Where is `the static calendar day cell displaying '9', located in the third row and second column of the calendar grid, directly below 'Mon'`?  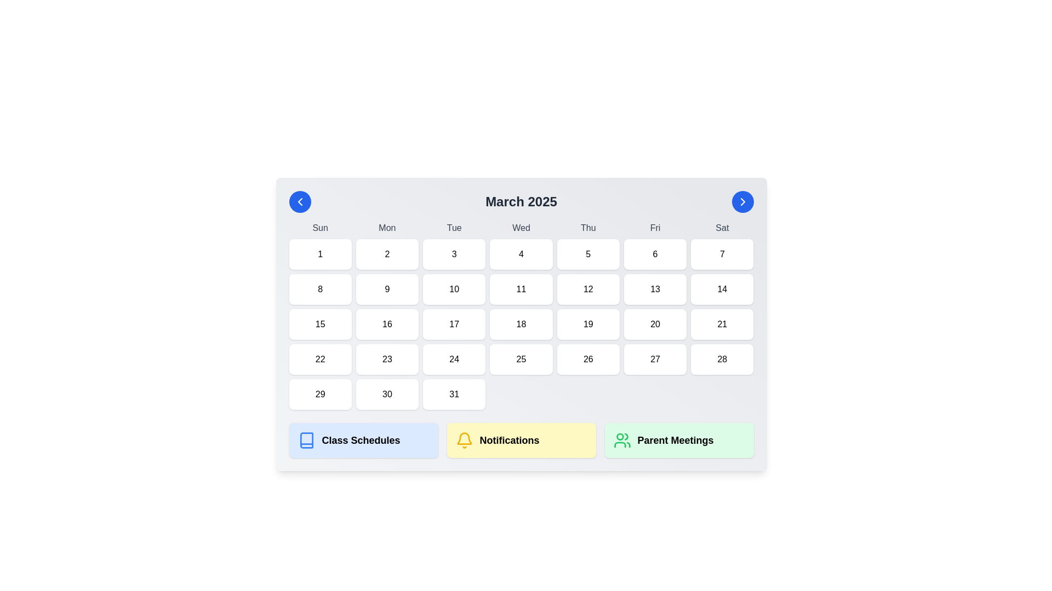 the static calendar day cell displaying '9', located in the third row and second column of the calendar grid, directly below 'Mon' is located at coordinates (387, 288).